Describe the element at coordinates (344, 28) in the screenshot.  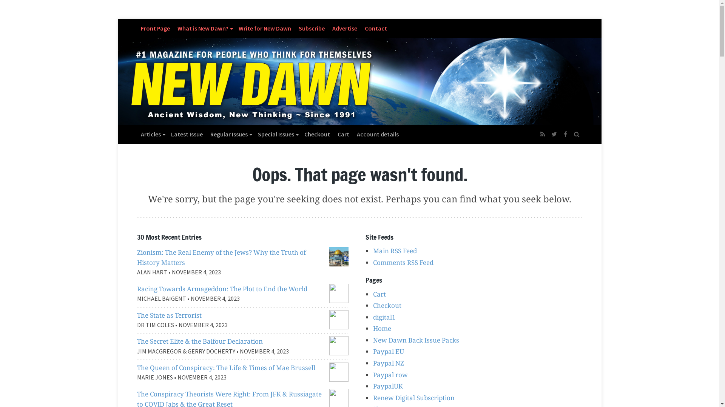
I see `'Advertise'` at that location.